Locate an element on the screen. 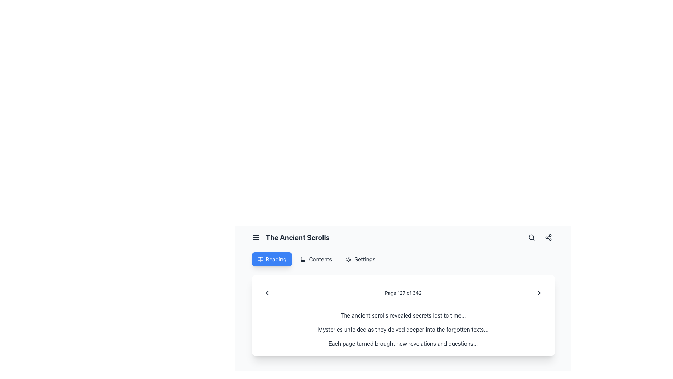  the text label associated with the 'settings' functionality located in the top-right area below the title 'The Ancient Scrolls' is located at coordinates (365, 259).